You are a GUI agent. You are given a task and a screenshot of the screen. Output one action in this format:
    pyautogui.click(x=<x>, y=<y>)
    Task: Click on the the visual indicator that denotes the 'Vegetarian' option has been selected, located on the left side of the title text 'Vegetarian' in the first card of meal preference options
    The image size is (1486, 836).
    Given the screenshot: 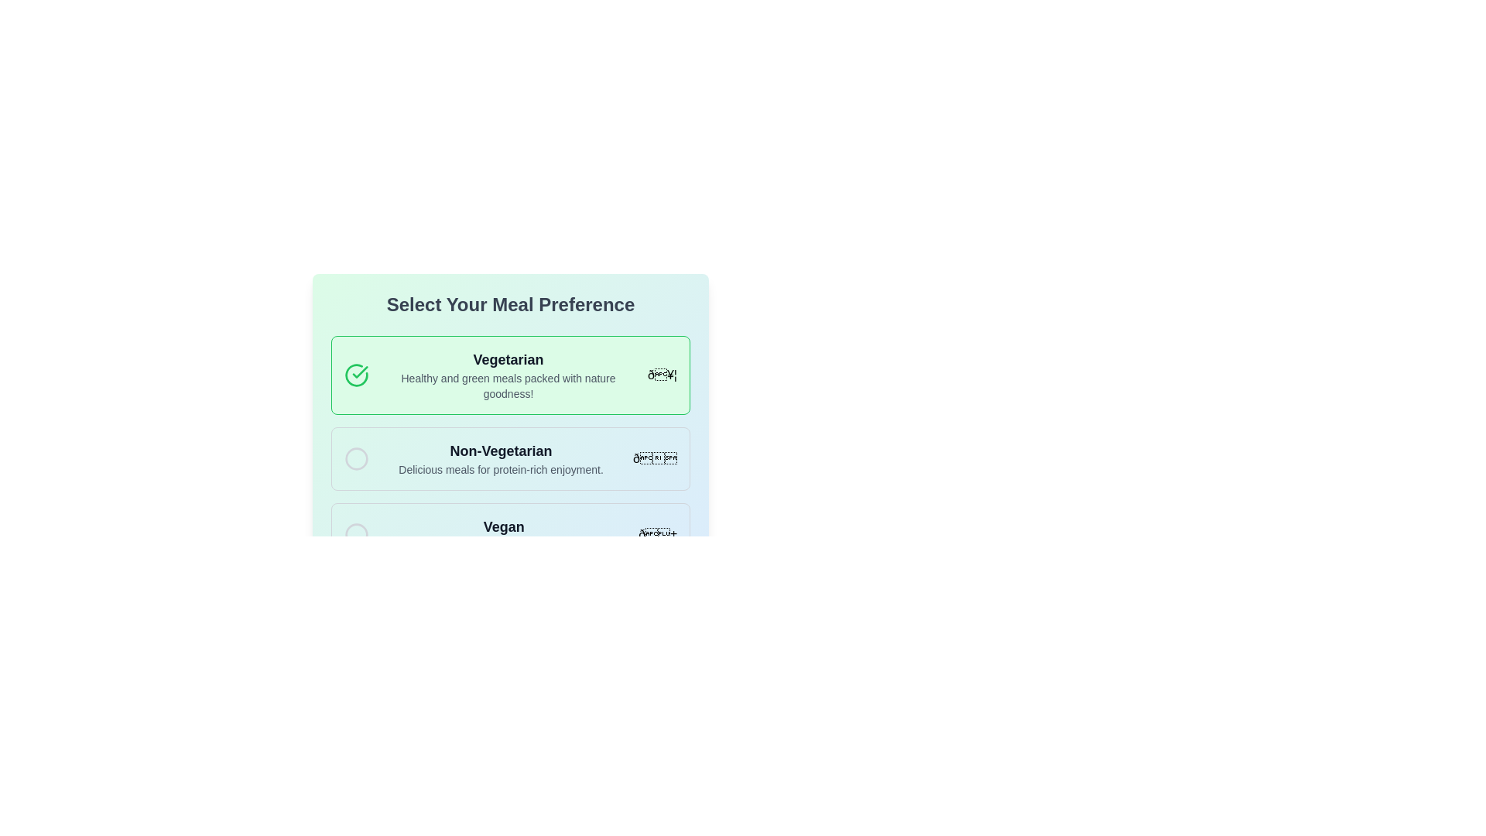 What is the action you would take?
    pyautogui.click(x=355, y=375)
    